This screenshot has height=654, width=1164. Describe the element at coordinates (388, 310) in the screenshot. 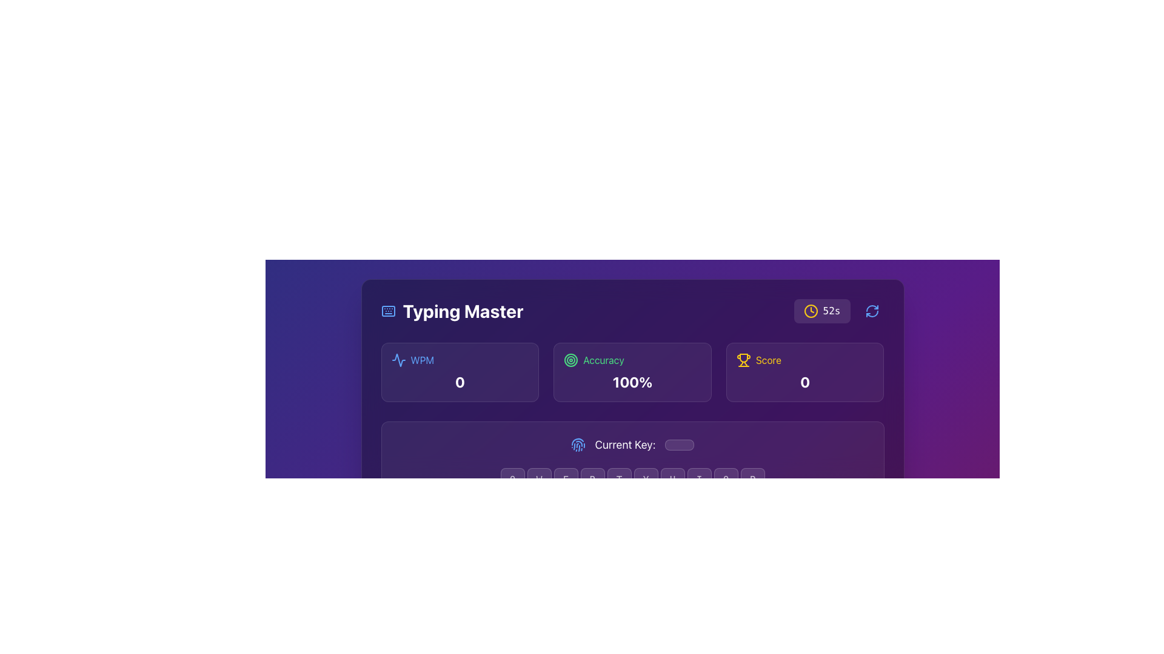

I see `the keyboard icon, which is a minimalistic blue icon located to the left of the 'Typing Master' title` at that location.